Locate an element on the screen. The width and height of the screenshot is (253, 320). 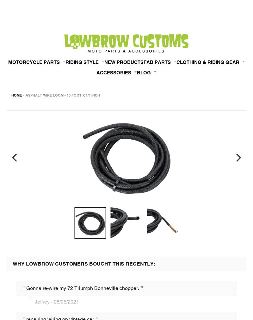
'As always, great quality and fast shipping. Looks good, too. A+' is located at coordinates (70, 109).